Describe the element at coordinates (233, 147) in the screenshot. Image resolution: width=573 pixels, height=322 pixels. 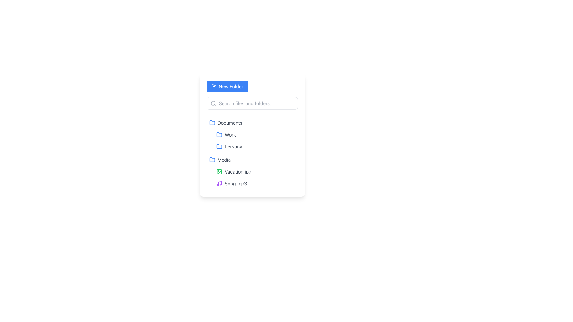
I see `the 'Personal' text label` at that location.